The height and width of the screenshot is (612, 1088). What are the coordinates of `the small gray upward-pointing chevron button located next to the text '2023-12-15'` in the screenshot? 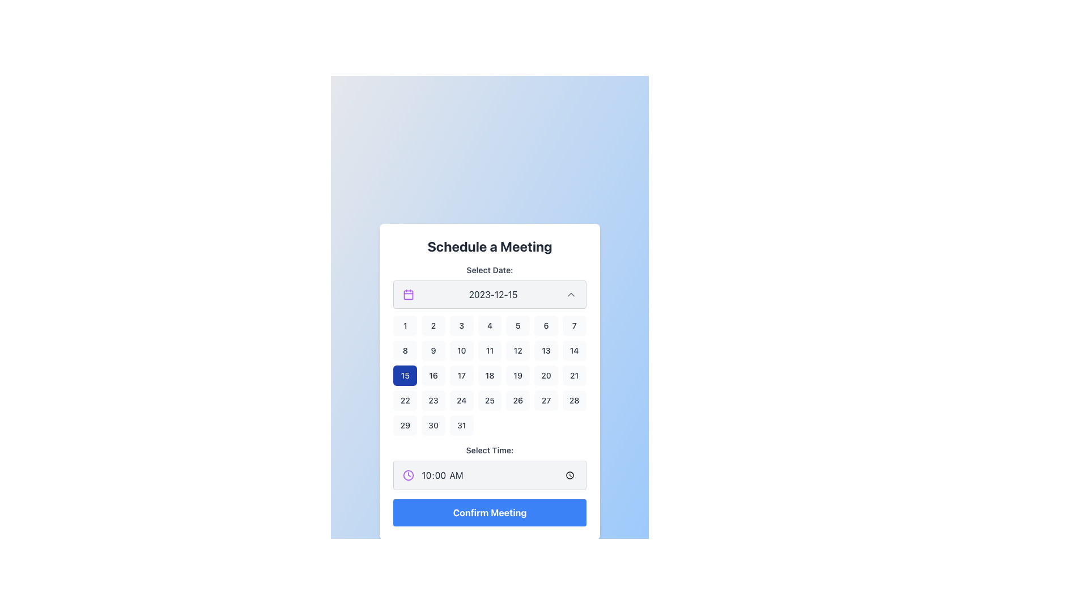 It's located at (571, 294).